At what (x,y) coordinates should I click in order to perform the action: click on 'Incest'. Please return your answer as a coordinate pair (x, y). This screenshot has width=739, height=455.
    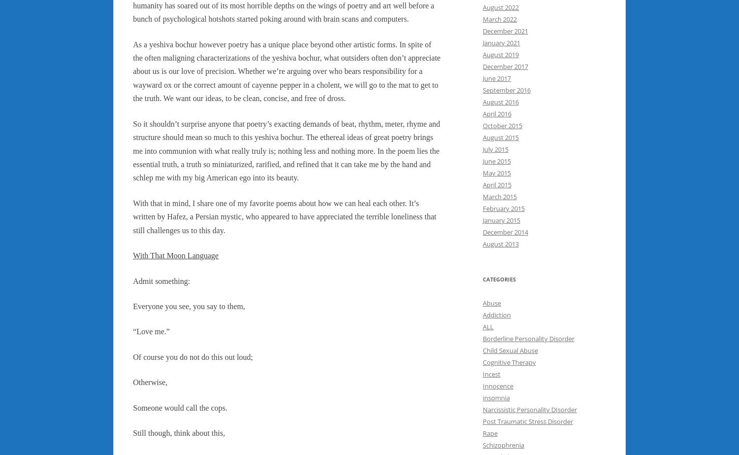
    Looking at the image, I should click on (491, 373).